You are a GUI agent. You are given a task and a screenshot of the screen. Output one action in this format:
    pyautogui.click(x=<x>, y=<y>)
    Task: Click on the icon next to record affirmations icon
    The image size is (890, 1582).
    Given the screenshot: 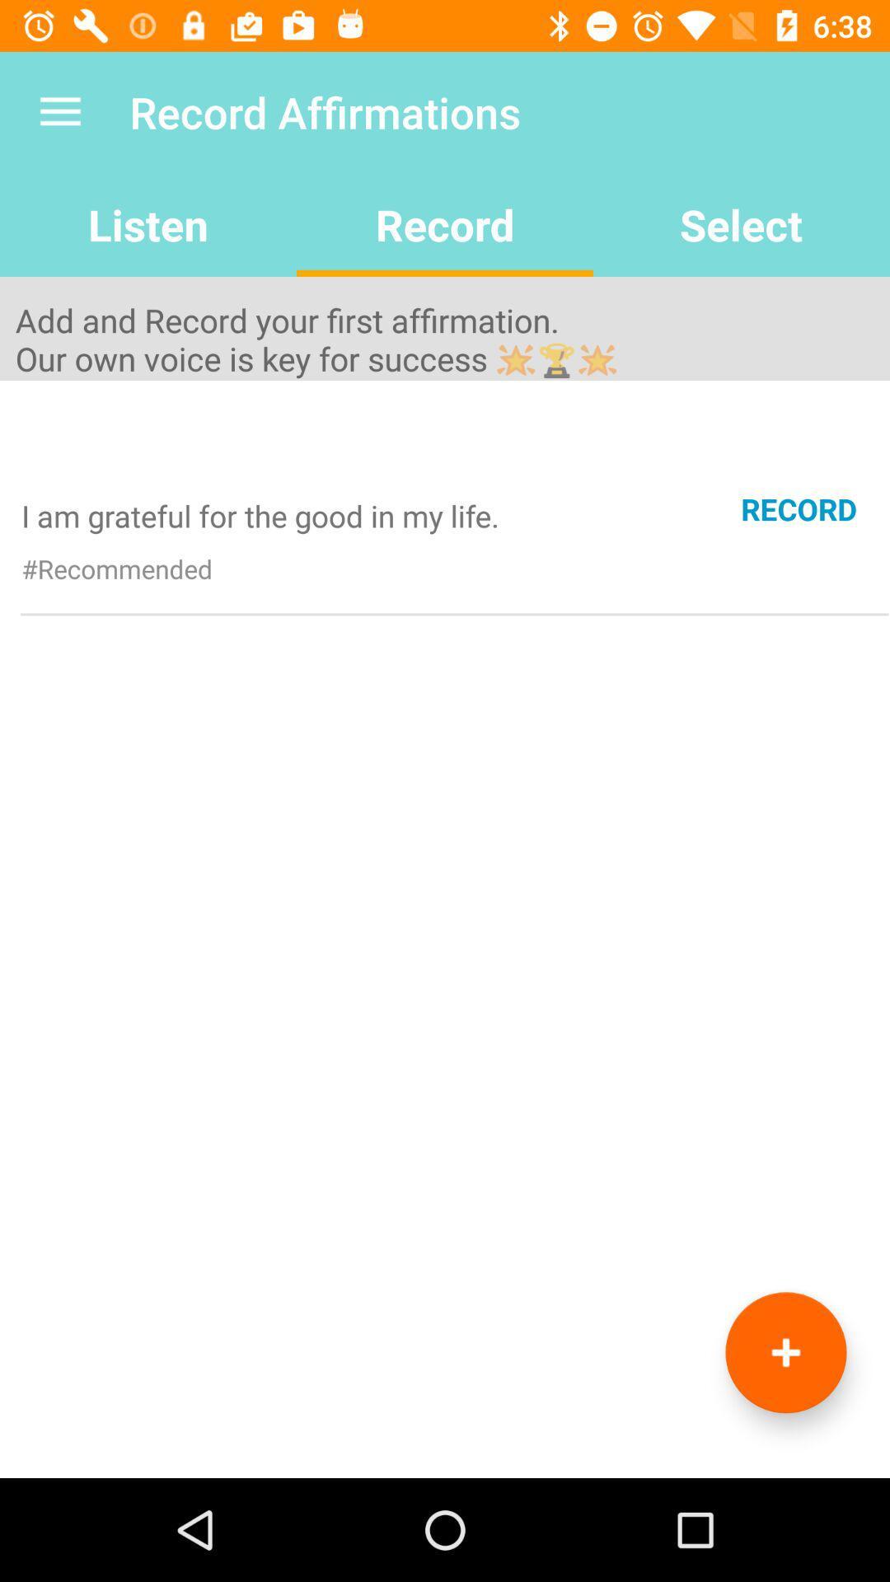 What is the action you would take?
    pyautogui.click(x=59, y=111)
    